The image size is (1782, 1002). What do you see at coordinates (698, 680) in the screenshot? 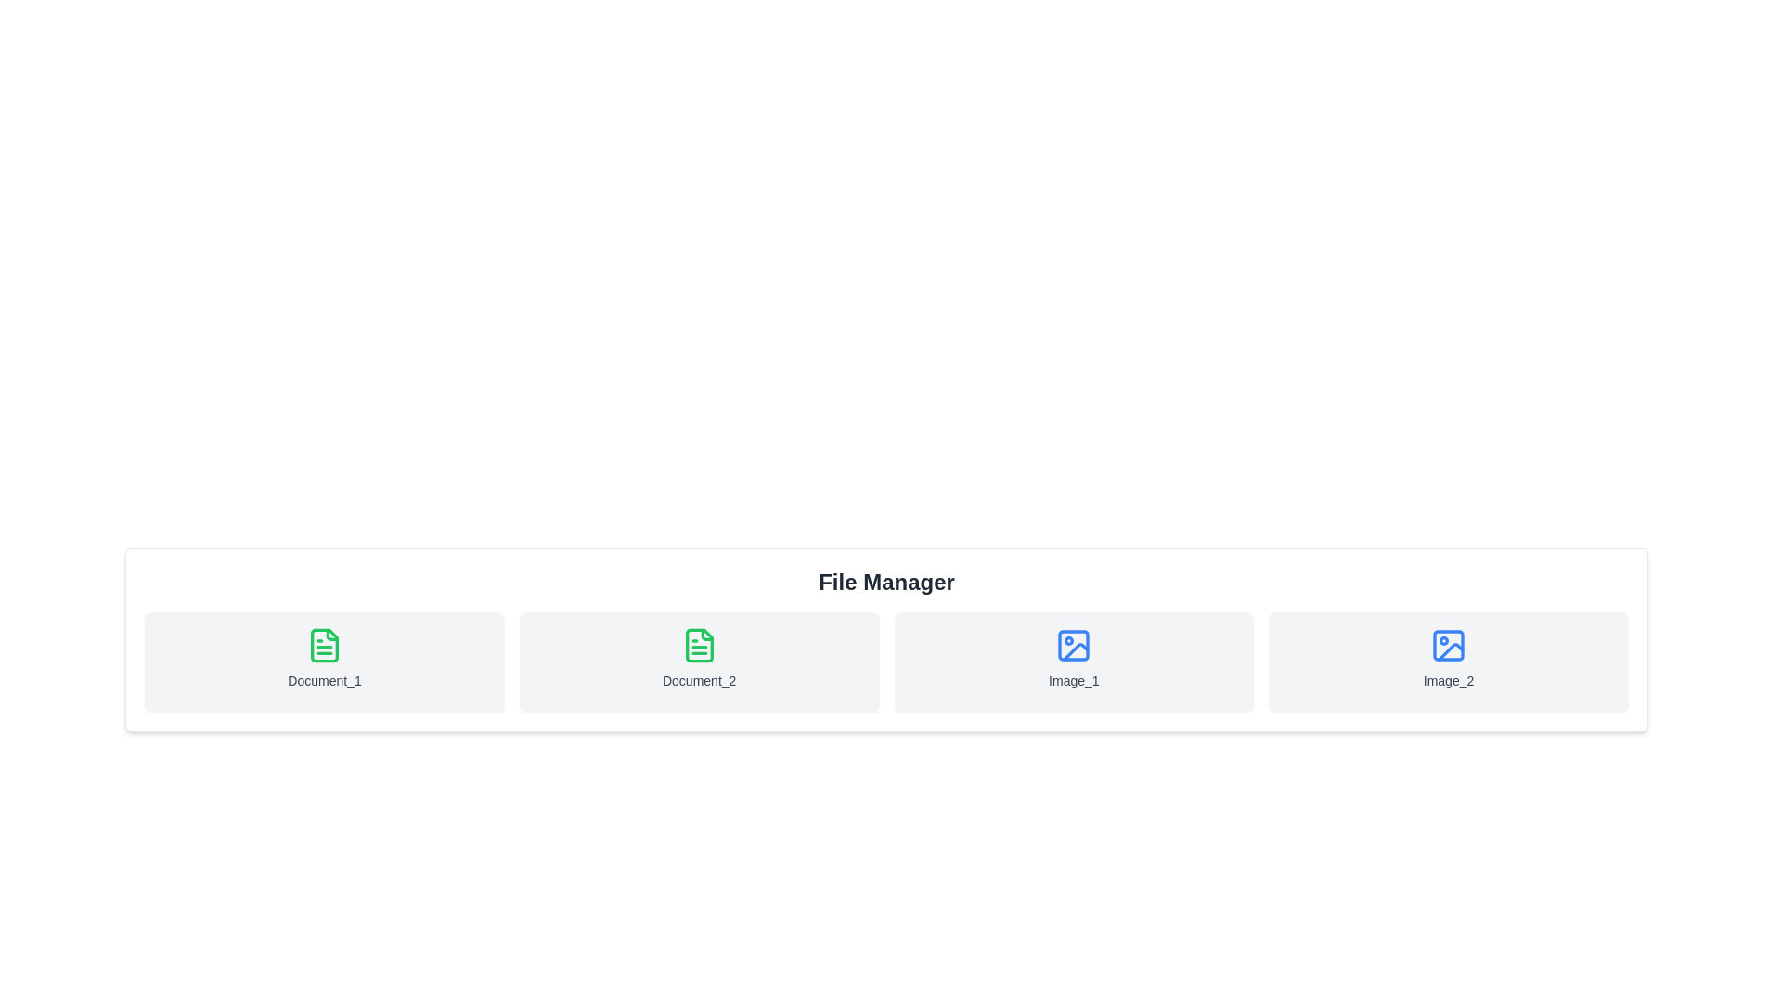
I see `text label 'Document_2' which is displayed in gray color at the bottom of the card component, centrally positioned below the document icon` at bounding box center [698, 680].